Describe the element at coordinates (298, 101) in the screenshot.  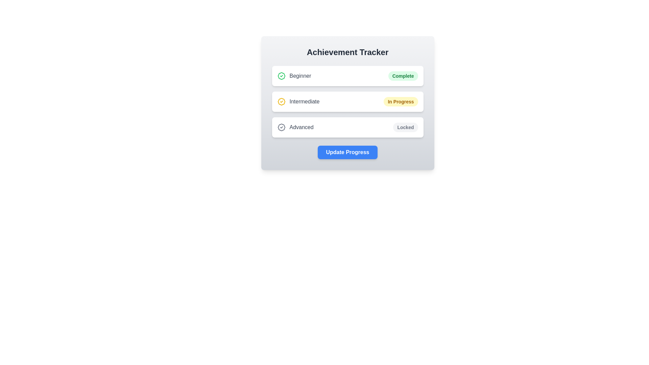
I see `the 'Intermediate' Label with Icon that includes a badge with a checkmark, located within the Achievement Tracker card` at that location.